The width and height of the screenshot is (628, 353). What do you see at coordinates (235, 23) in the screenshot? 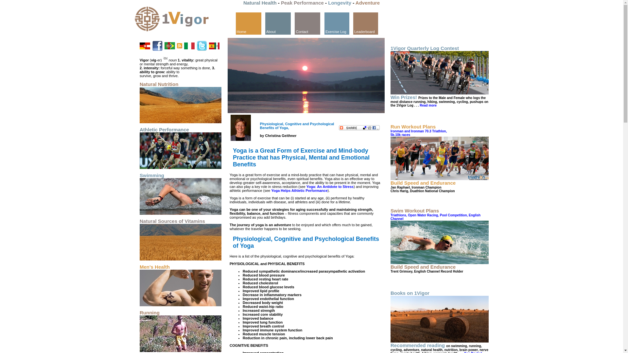
I see `'Home'` at bounding box center [235, 23].